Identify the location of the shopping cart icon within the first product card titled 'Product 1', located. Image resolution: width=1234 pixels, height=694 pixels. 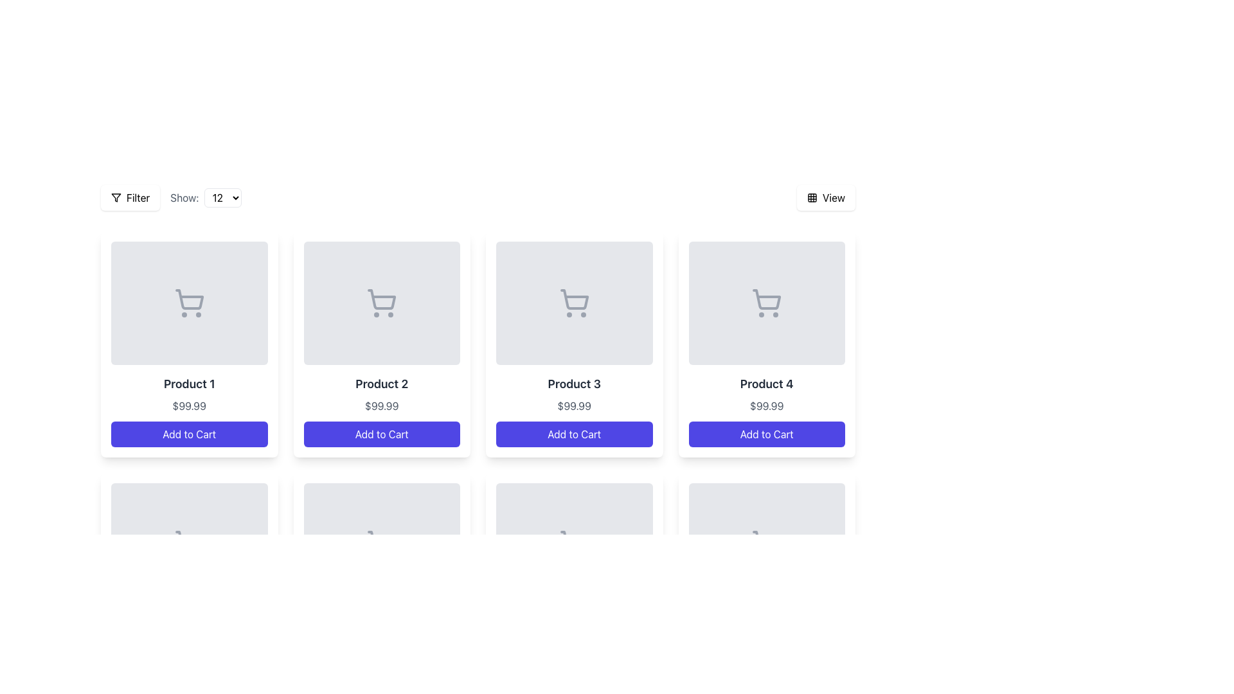
(188, 303).